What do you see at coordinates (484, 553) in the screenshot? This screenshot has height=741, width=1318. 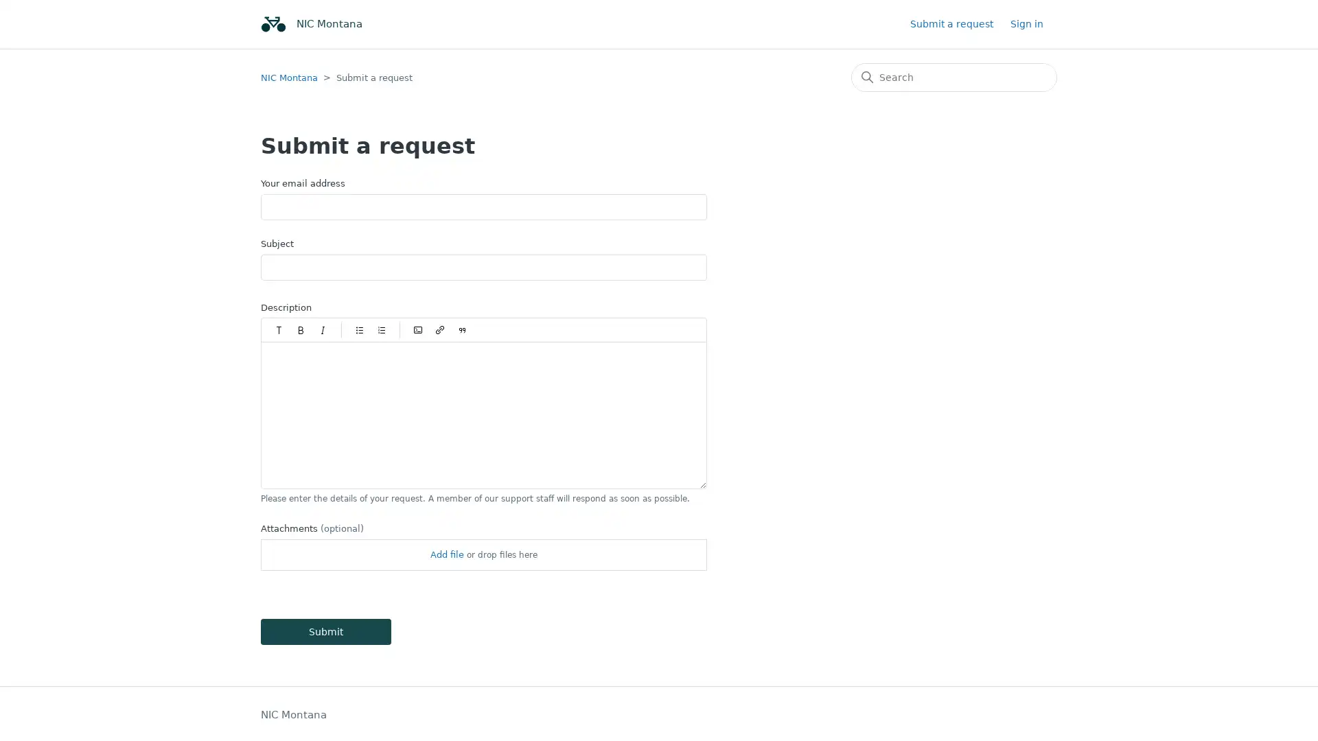 I see `Attachments(optional)` at bounding box center [484, 553].